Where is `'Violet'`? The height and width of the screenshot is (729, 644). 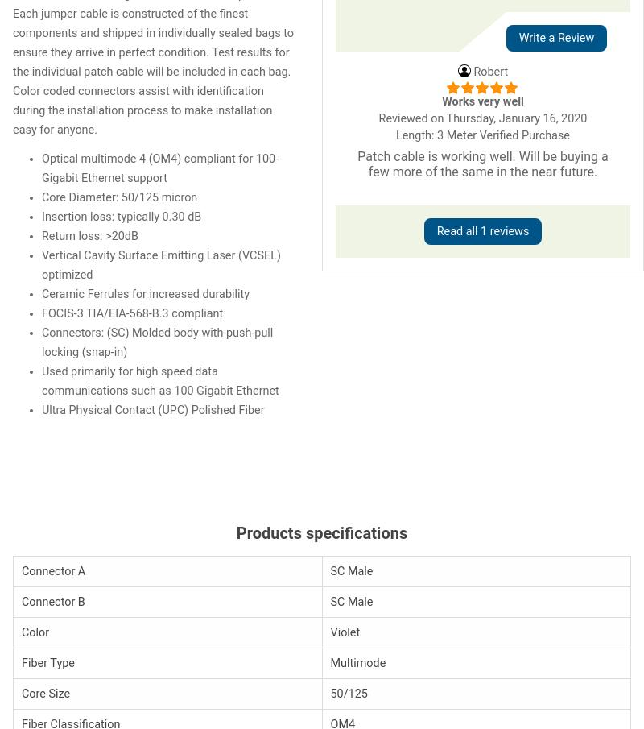
'Violet' is located at coordinates (345, 632).